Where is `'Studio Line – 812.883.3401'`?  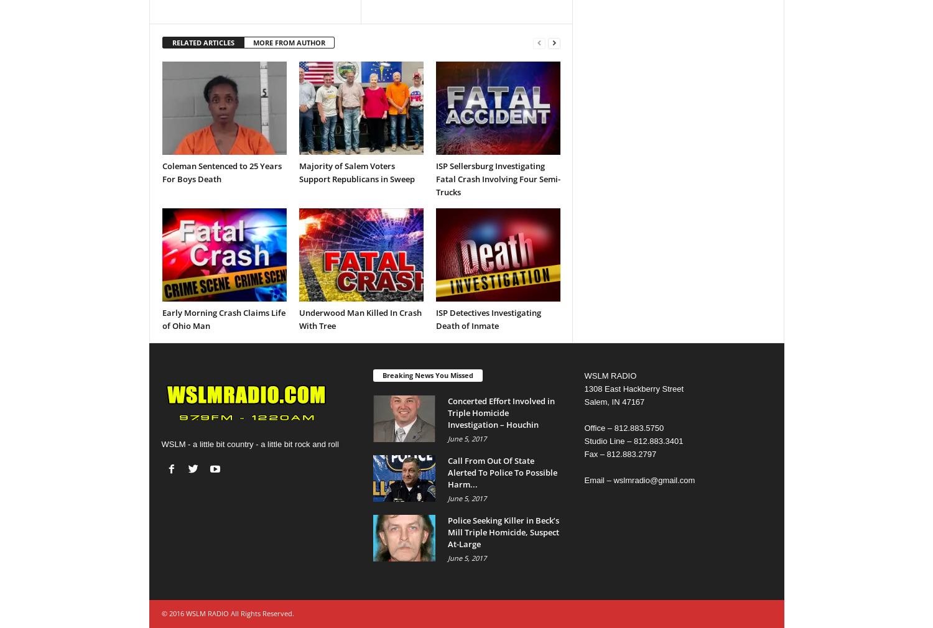
'Studio Line – 812.883.3401' is located at coordinates (583, 440).